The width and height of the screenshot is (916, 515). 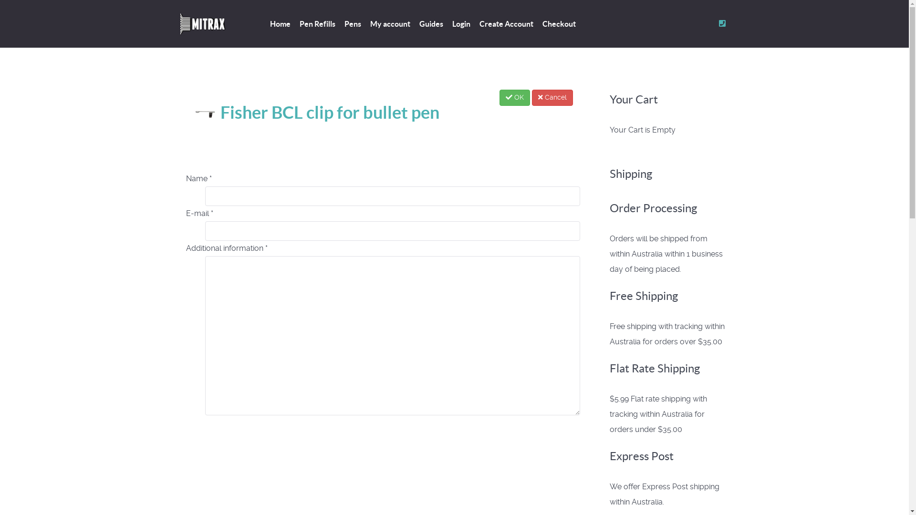 I want to click on 'Home', so click(x=280, y=24).